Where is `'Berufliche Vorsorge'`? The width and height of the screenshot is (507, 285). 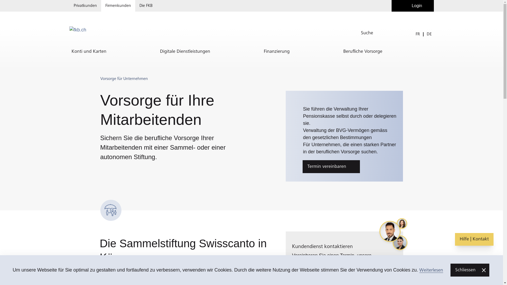
'Berufliche Vorsorge' is located at coordinates (362, 51).